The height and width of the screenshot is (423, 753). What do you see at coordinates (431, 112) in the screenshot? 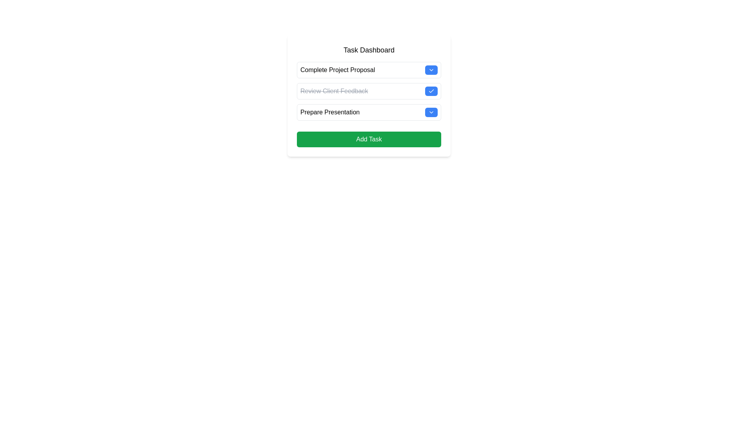
I see `the Dropdown toggle button located to the right of the 'Prepare Presentation' task label` at bounding box center [431, 112].